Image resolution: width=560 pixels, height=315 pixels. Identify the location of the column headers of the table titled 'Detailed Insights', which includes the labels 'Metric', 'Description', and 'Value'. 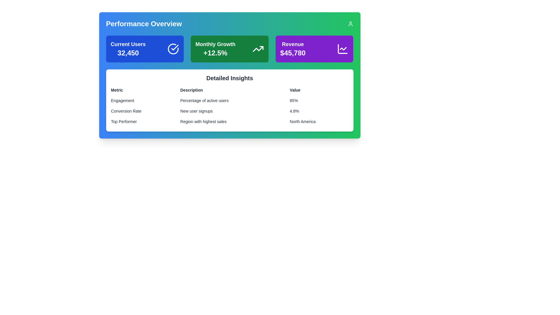
(229, 91).